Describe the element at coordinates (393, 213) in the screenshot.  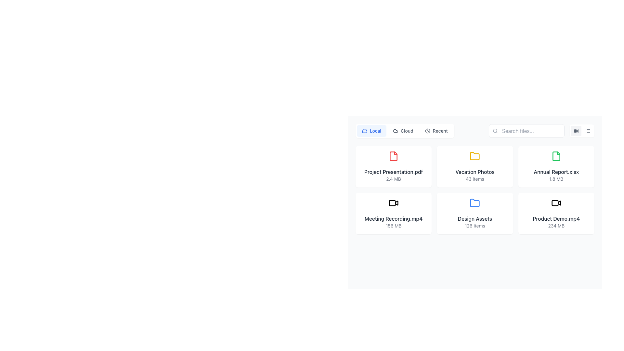
I see `the file preview component representing 'Meeting Recording.mp4'` at that location.